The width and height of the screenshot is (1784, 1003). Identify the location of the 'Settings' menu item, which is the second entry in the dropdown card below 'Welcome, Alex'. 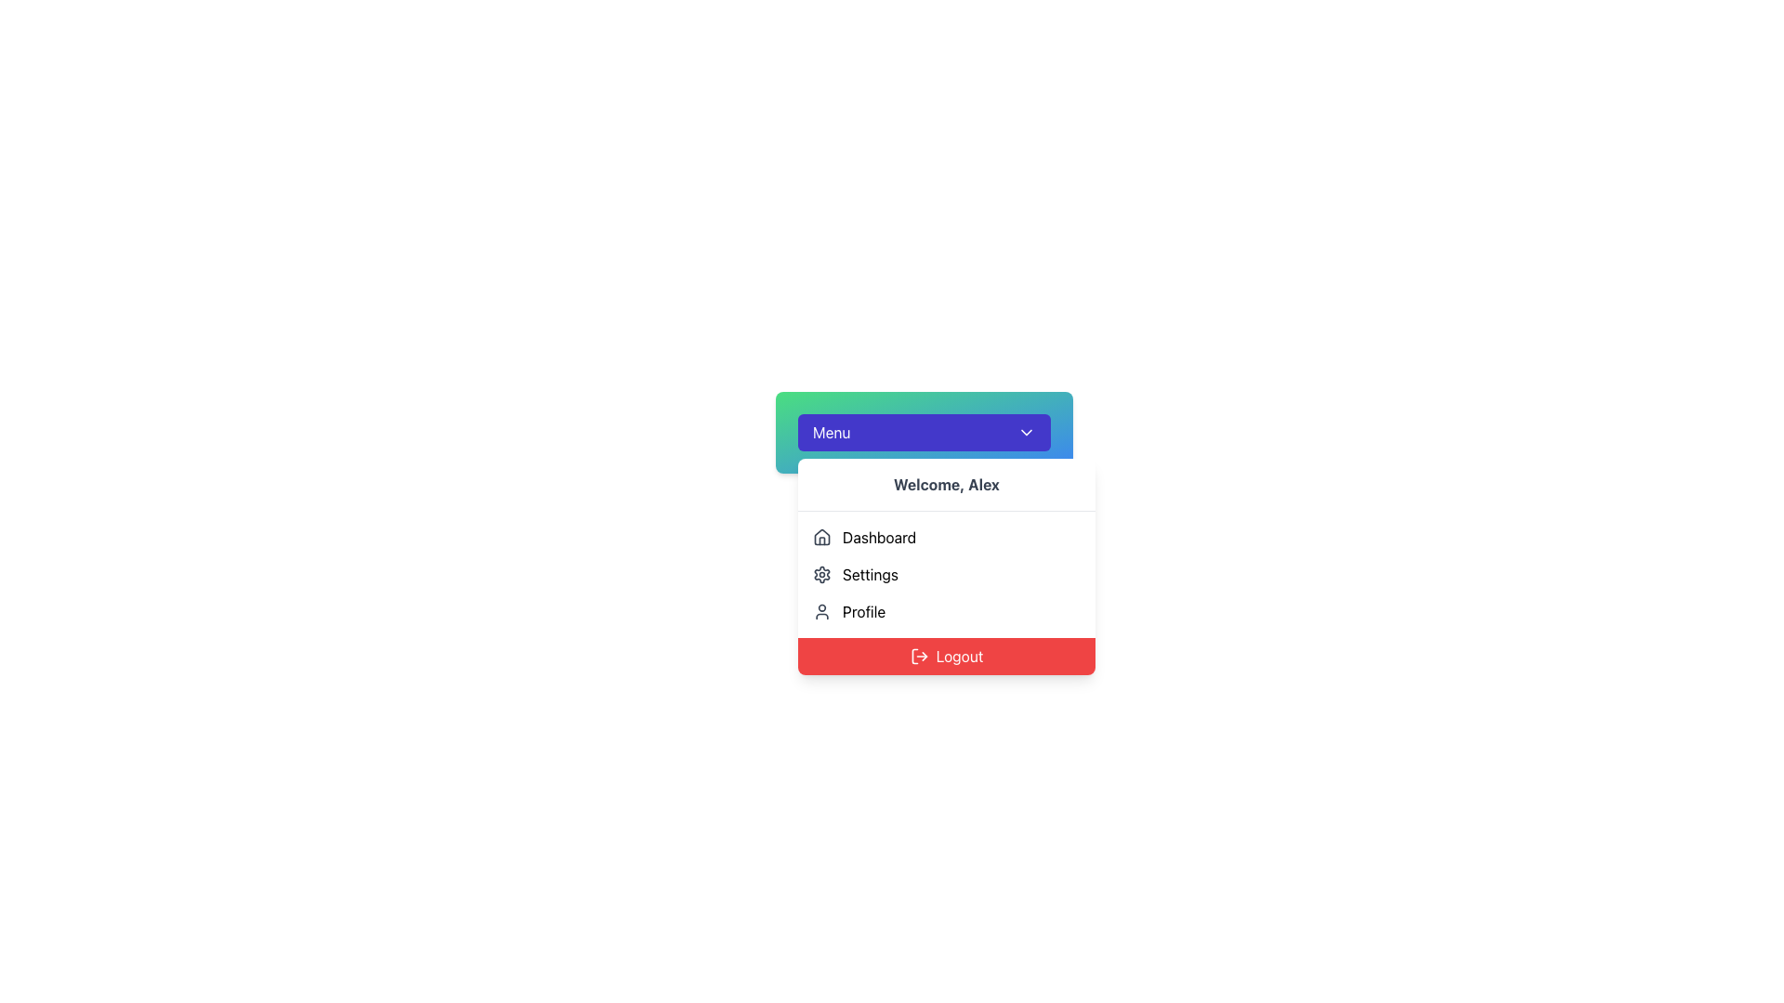
(946, 573).